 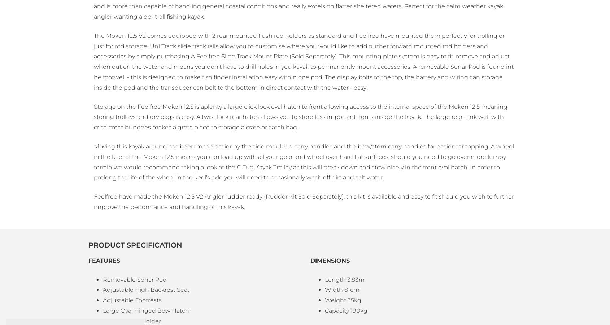 What do you see at coordinates (131, 321) in the screenshot?
I see `'Drinks Bottle Holder'` at bounding box center [131, 321].